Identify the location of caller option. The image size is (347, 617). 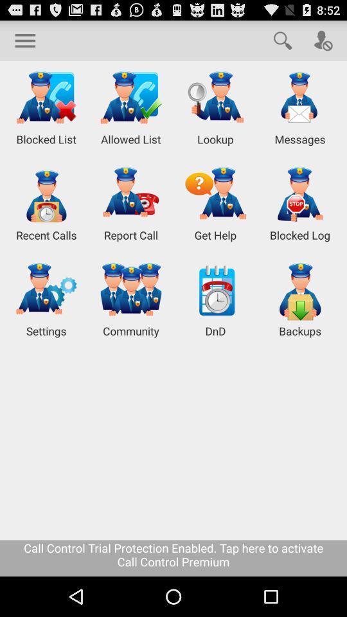
(323, 40).